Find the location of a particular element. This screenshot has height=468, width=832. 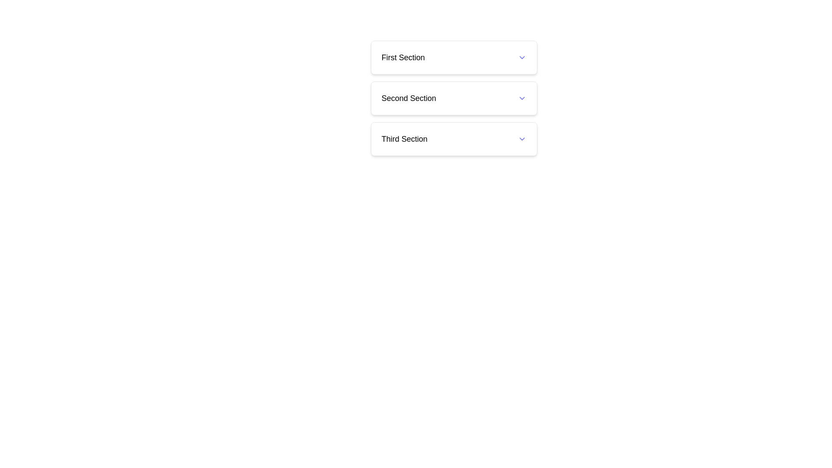

the 'Second Section' Toggle header element for accessibility navigation is located at coordinates (453, 98).